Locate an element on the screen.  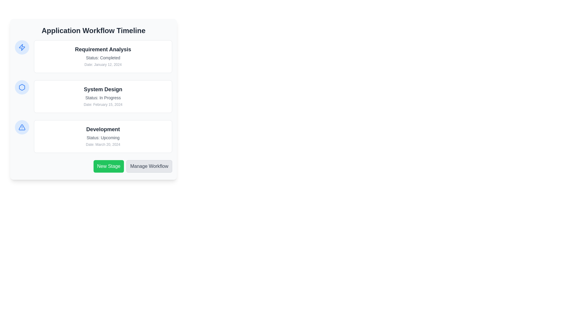
the first button in the workflow timeline to trigger the hover effect is located at coordinates (93, 166).